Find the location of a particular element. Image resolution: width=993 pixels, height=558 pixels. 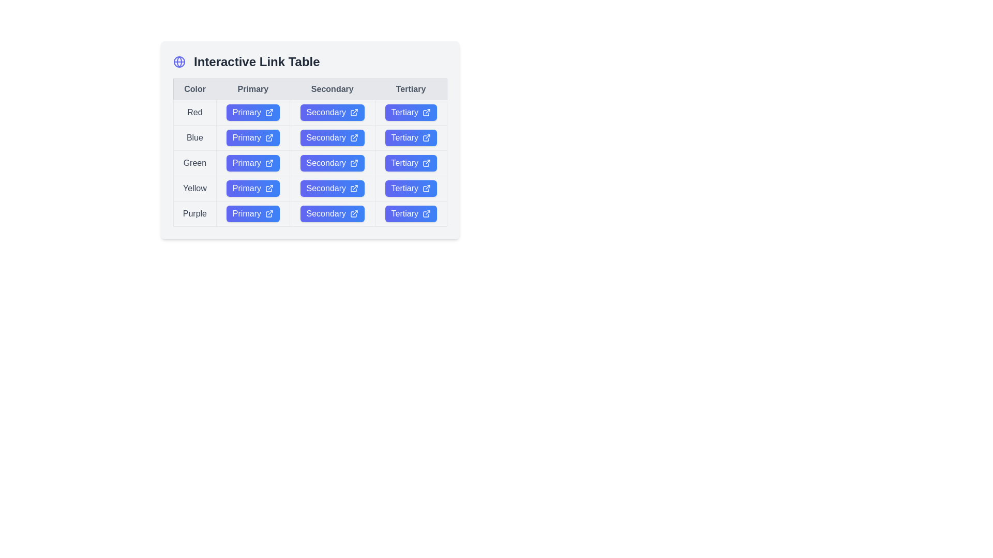

the 'Secondary' button is located at coordinates (332, 137).